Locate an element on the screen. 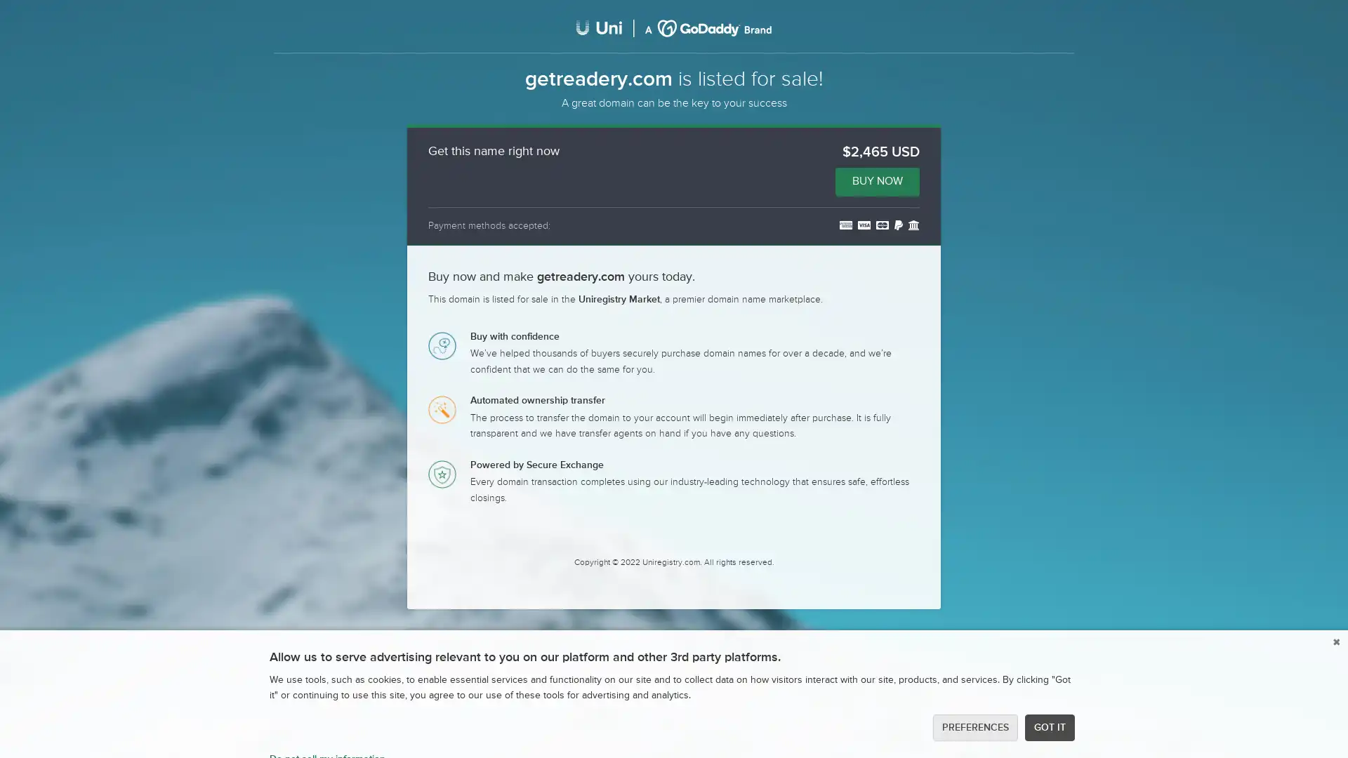  BUY NOW is located at coordinates (876, 180).